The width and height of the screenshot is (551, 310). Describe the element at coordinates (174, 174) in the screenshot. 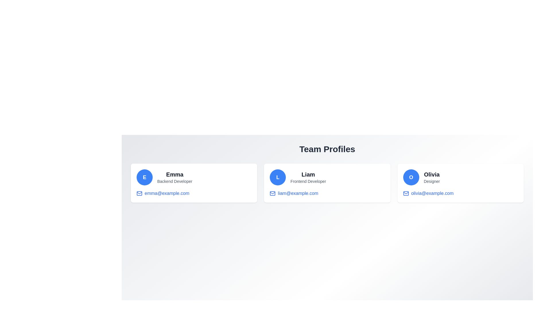

I see `the text label displaying the user's name 'Emma' in the user profile card located in the top-left cell of the grid layout` at that location.